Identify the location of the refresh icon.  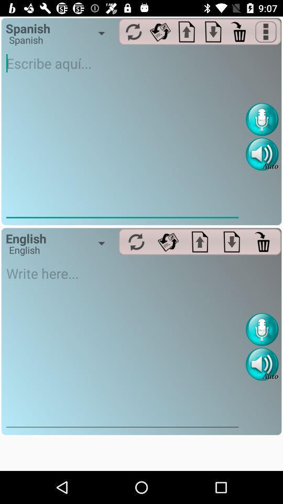
(134, 31).